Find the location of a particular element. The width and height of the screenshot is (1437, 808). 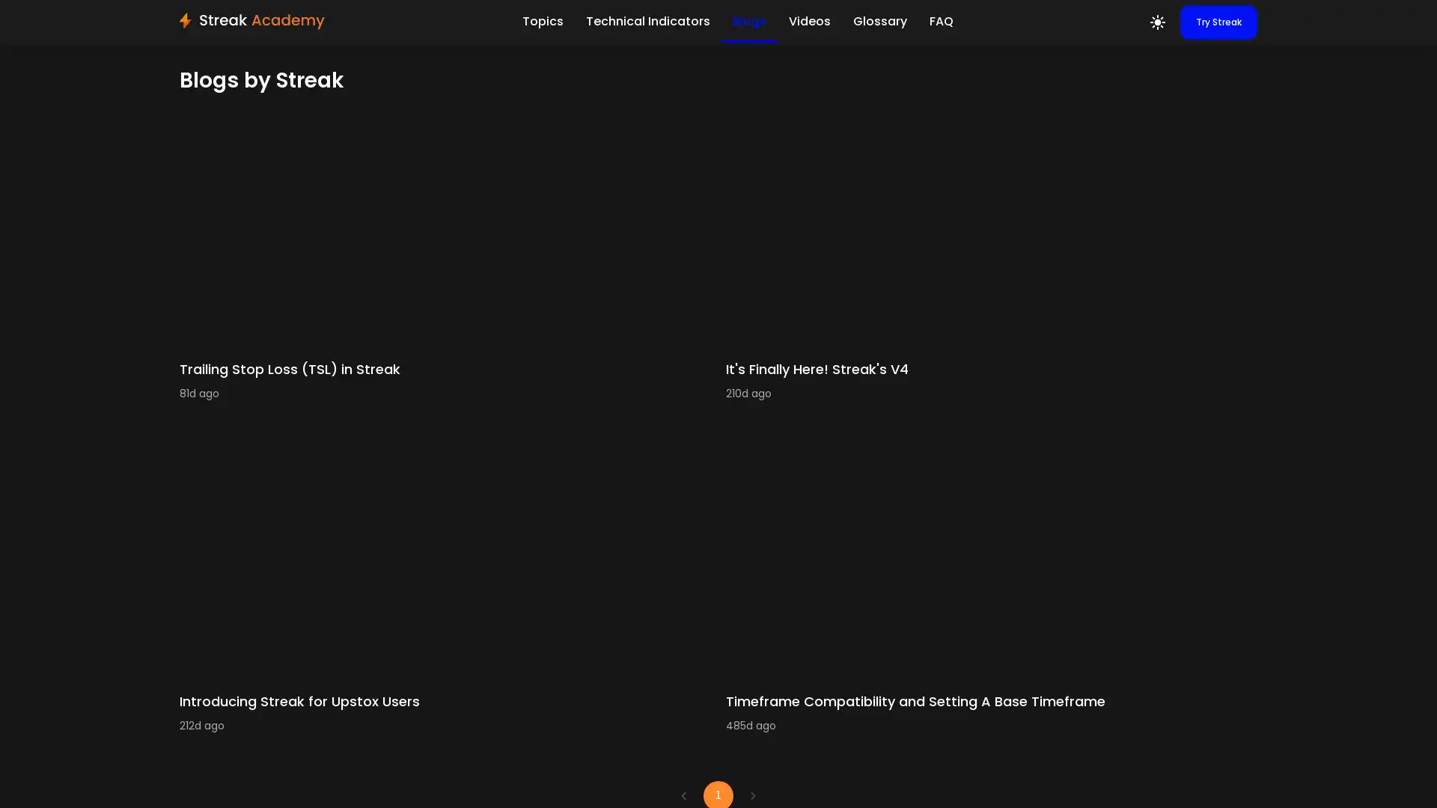

Try Streak is located at coordinates (1218, 22).